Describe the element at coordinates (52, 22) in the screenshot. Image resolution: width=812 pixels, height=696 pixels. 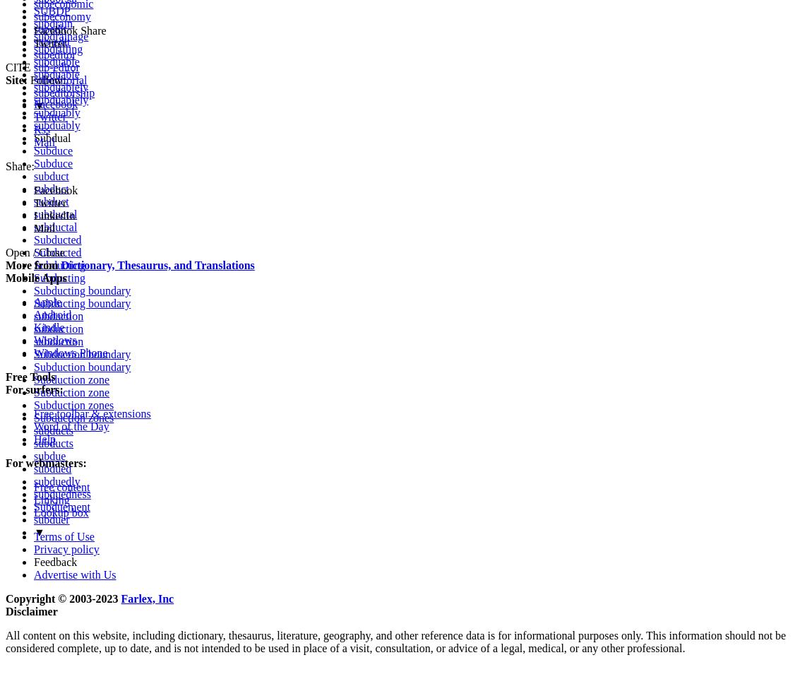
I see `'subdrain'` at that location.